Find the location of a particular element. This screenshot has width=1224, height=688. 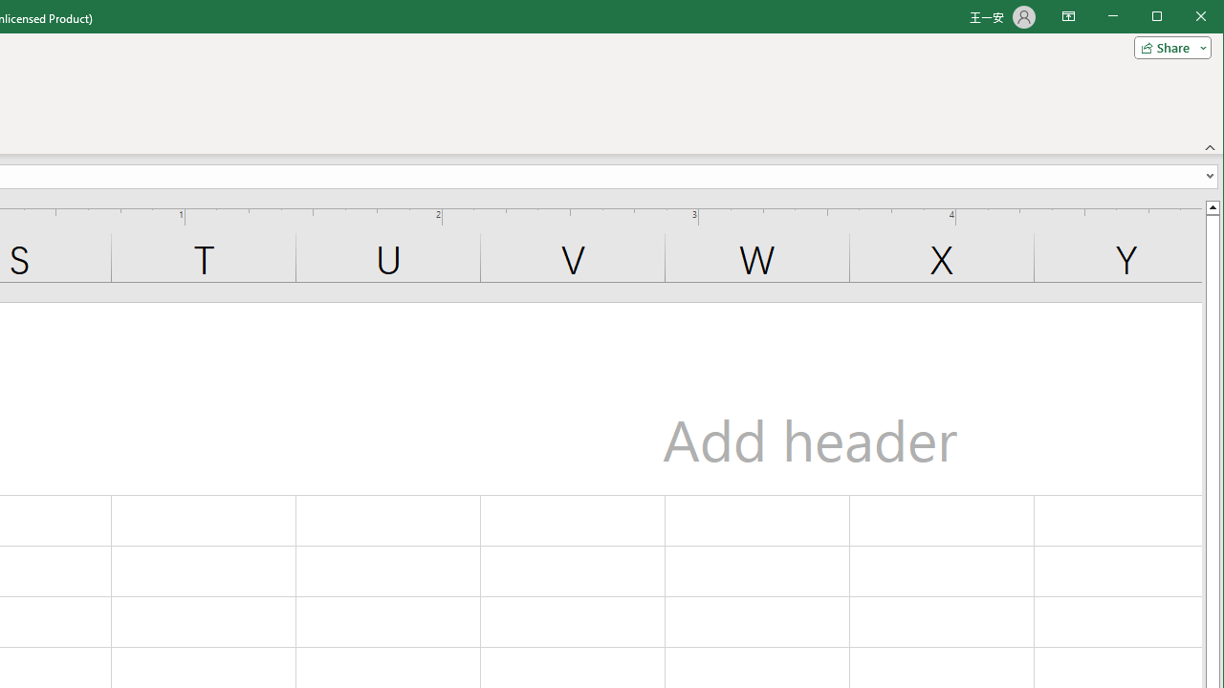

'Minimize' is located at coordinates (1162, 18).